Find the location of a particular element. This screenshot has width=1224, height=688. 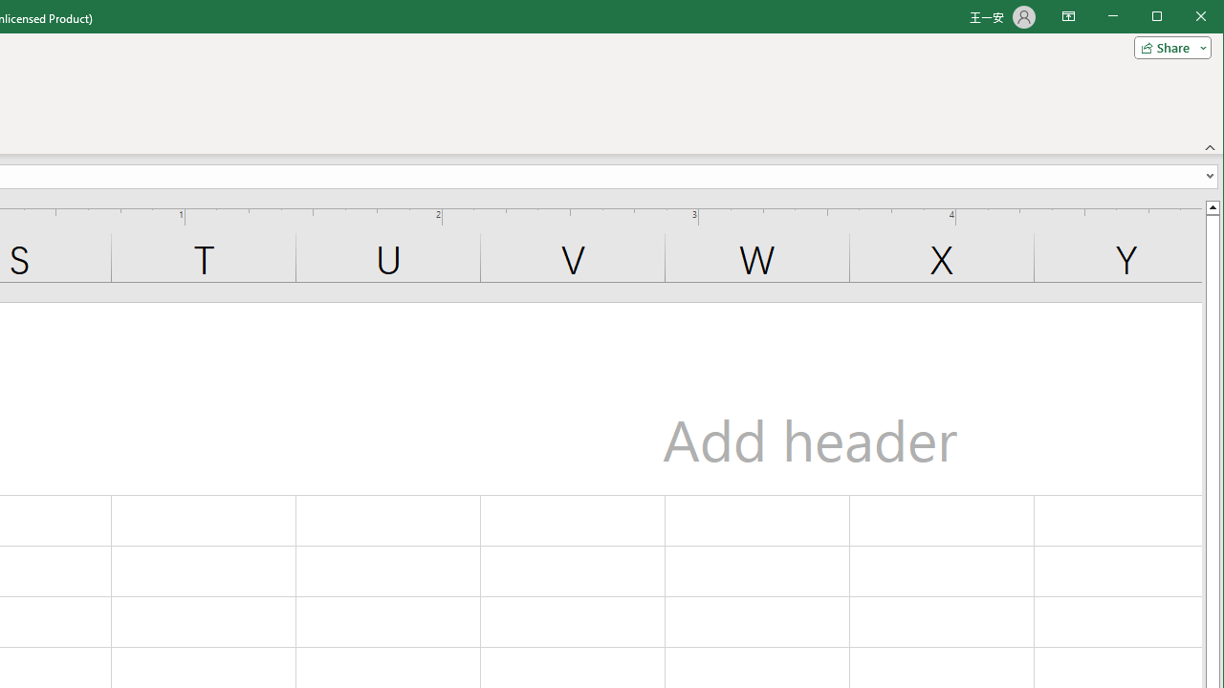

'Minimize' is located at coordinates (1162, 18).